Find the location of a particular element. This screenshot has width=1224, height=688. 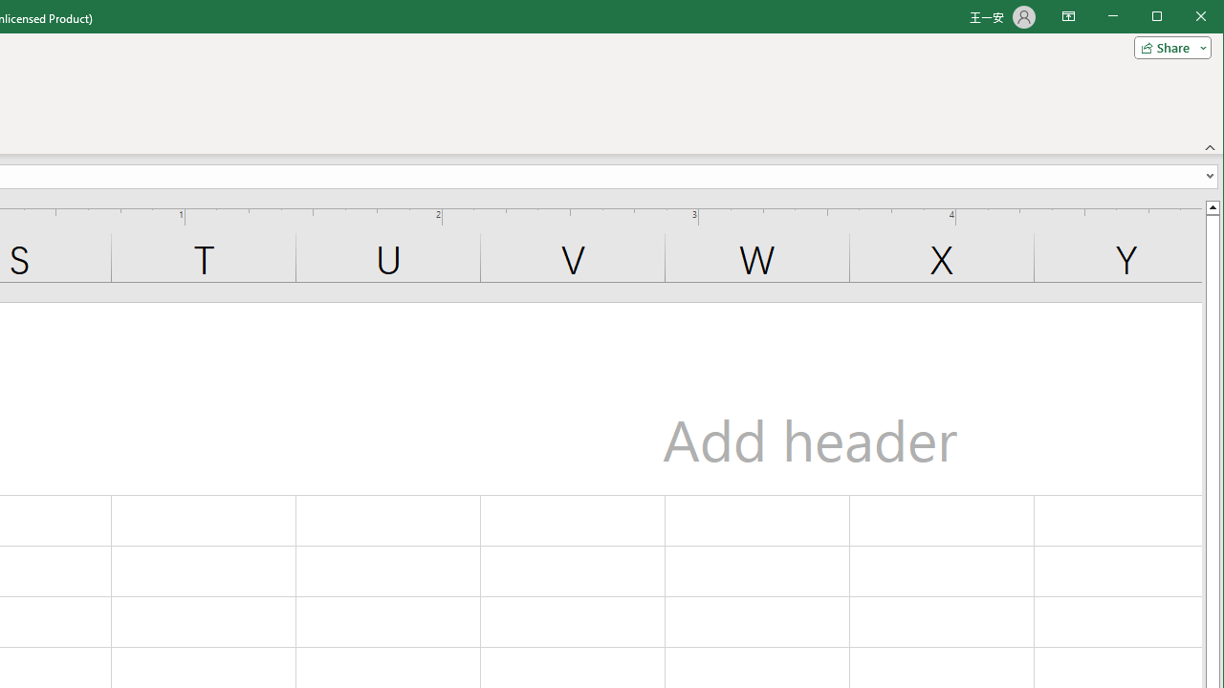

'Minimize' is located at coordinates (1162, 18).